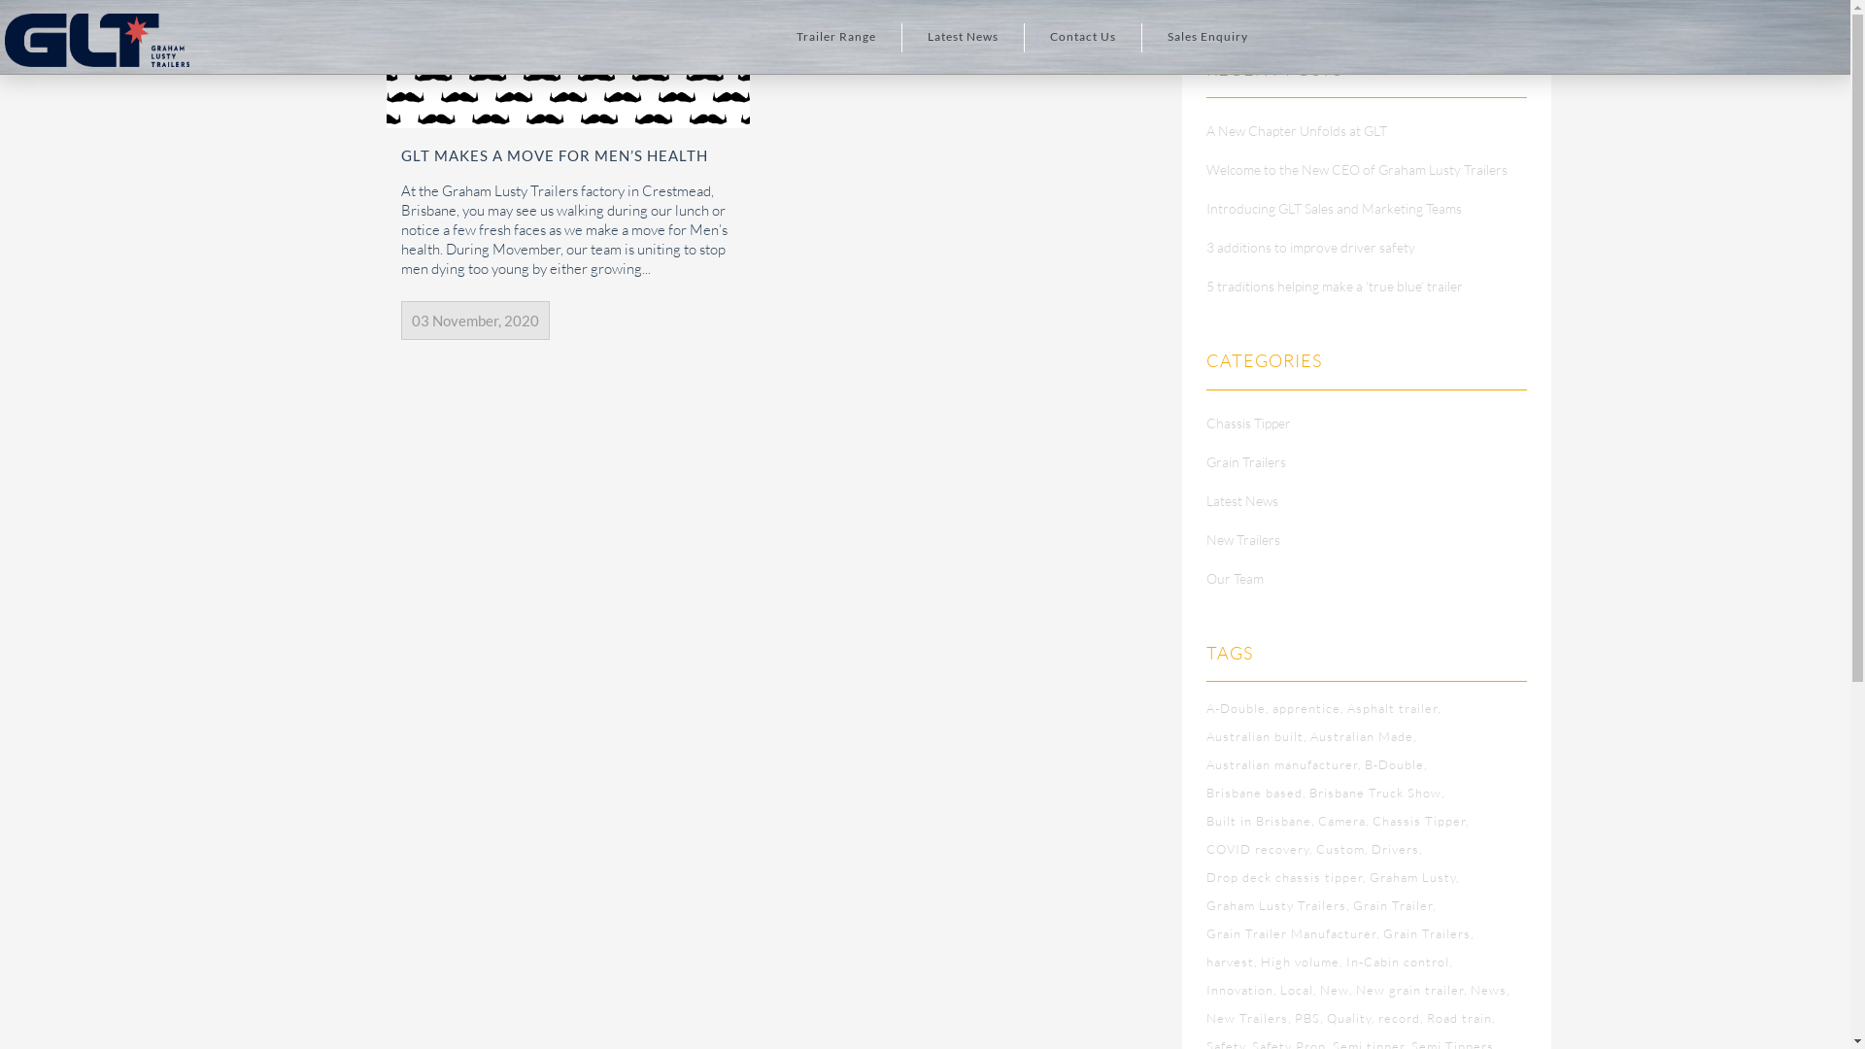  What do you see at coordinates (1350, 1017) in the screenshot?
I see `'Quality'` at bounding box center [1350, 1017].